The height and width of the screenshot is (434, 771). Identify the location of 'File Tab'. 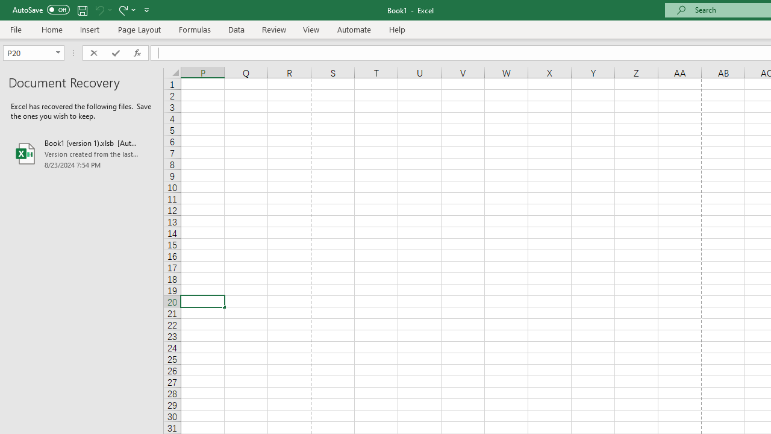
(16, 28).